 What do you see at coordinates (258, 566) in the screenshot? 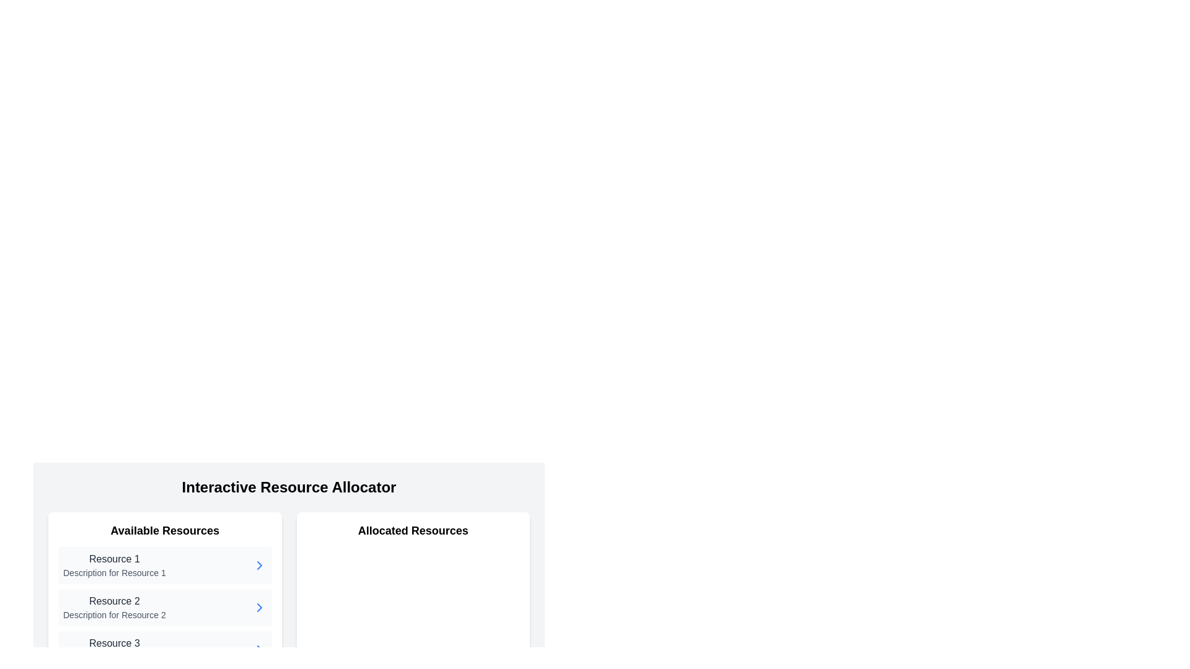
I see `the rightward chevron icon located in the 'Available Resources' section, aligned with 'Resource 2'` at bounding box center [258, 566].